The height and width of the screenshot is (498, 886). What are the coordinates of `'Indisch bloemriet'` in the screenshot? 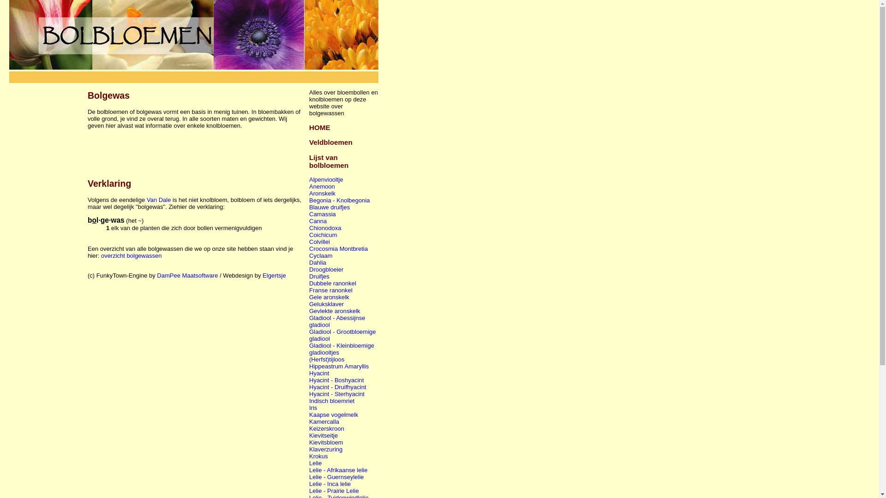 It's located at (309, 400).